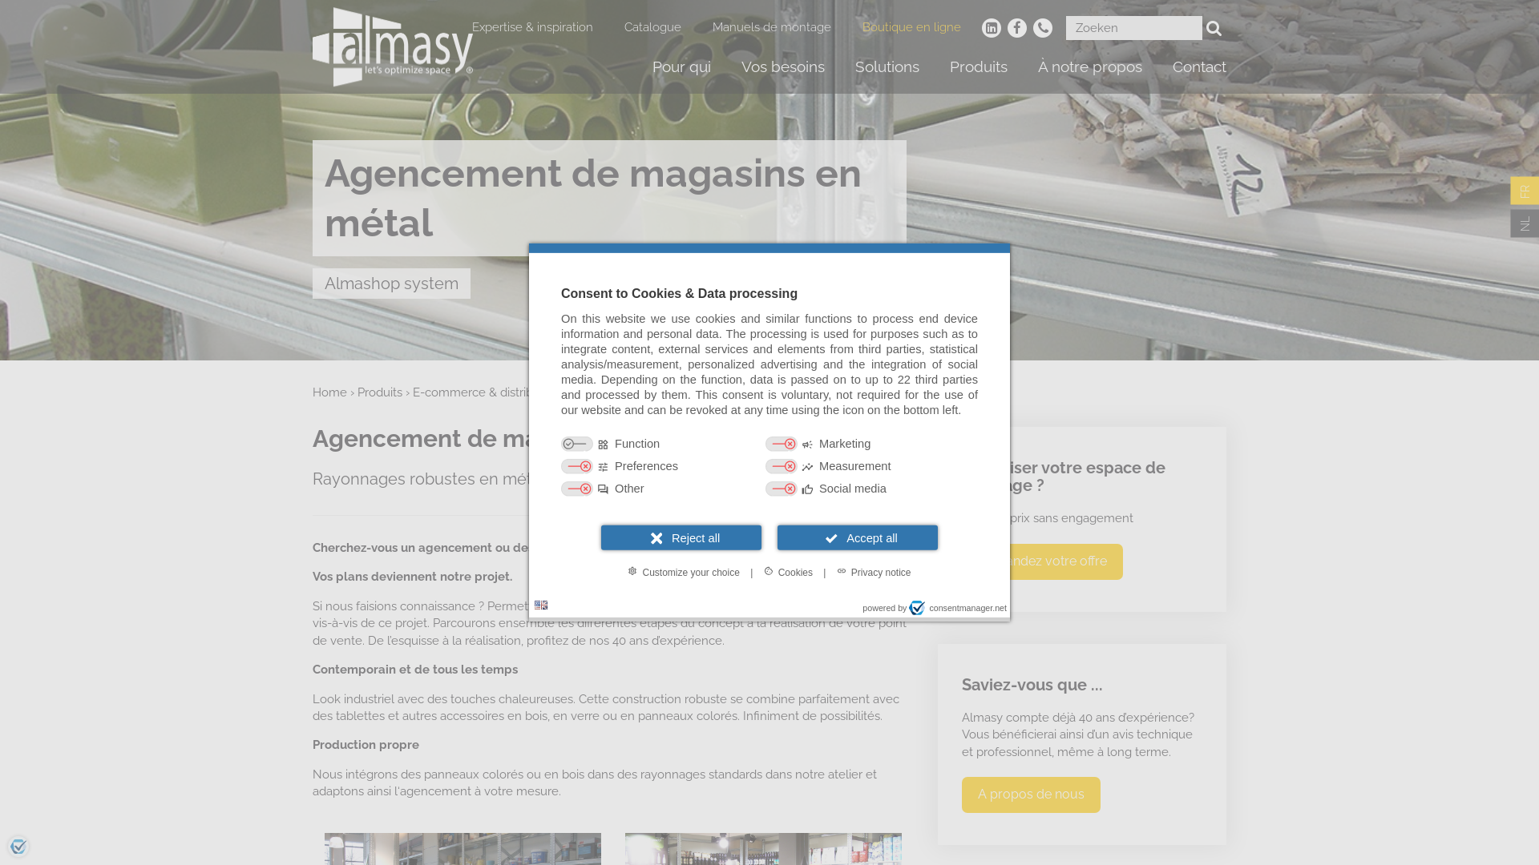  What do you see at coordinates (1042, 561) in the screenshot?
I see `'Demandez votre offre'` at bounding box center [1042, 561].